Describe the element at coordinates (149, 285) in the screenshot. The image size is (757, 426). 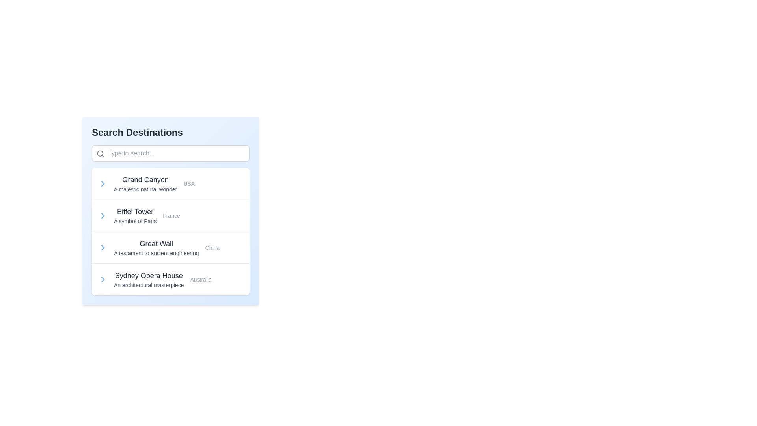
I see `the static text content providing descriptive information about the Sydney Opera House, located immediately below the 'Sydney Opera House' heading in the 'Search Destinations' listing` at that location.